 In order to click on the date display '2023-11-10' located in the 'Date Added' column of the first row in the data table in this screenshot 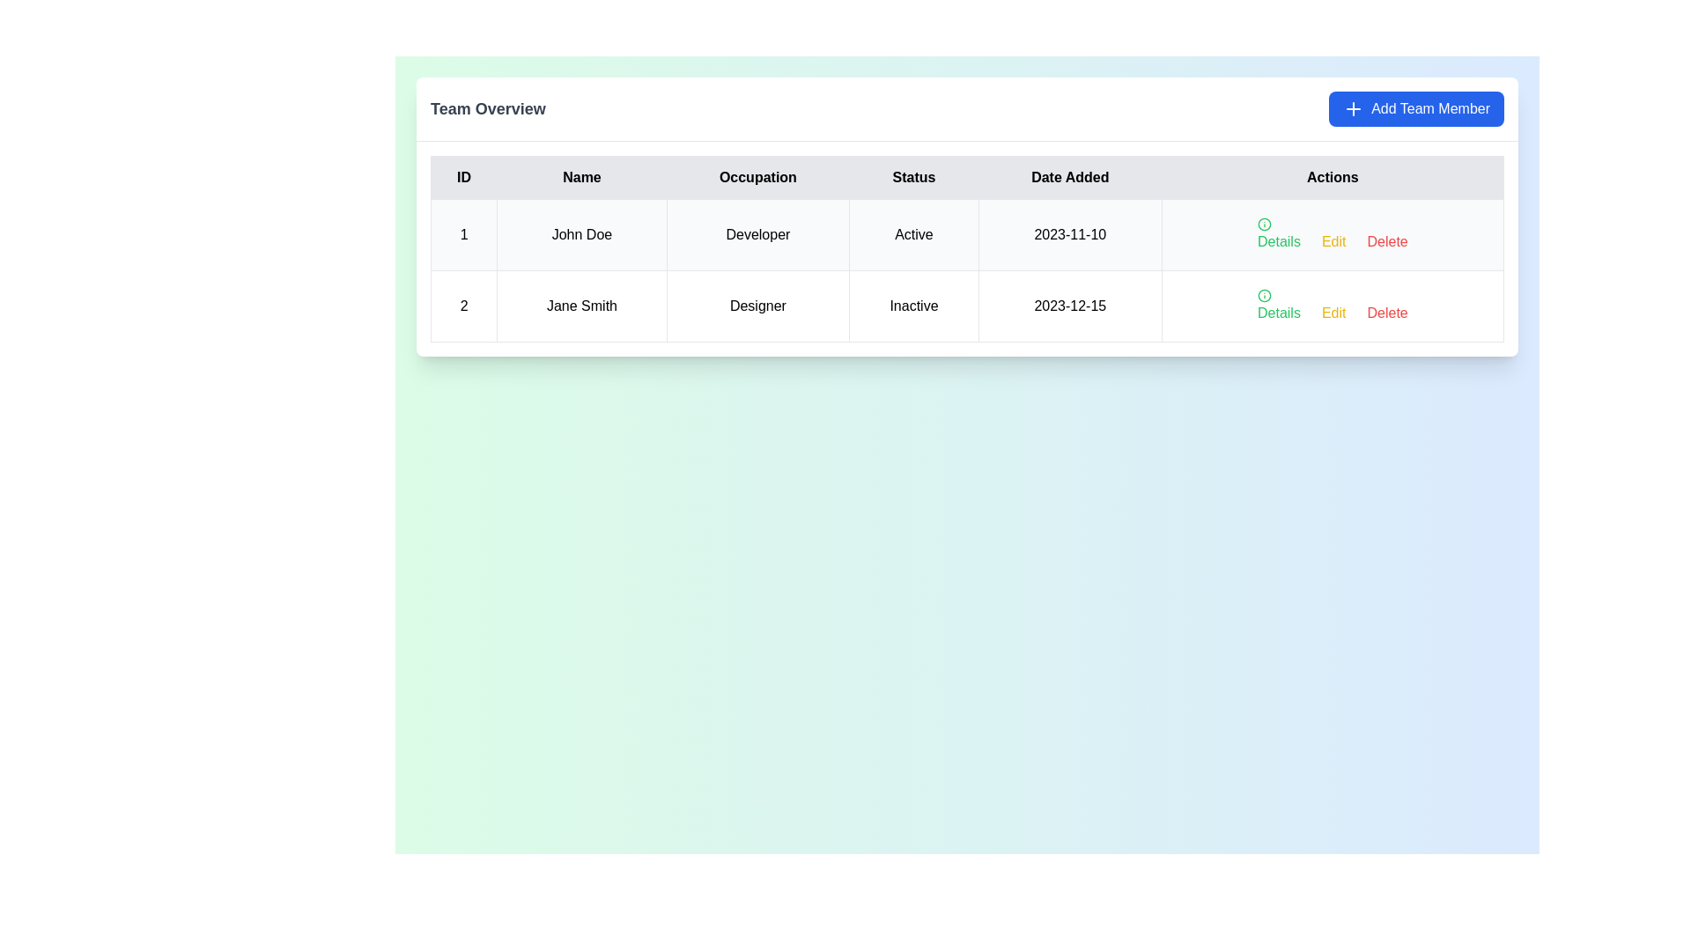, I will do `click(1069, 233)`.